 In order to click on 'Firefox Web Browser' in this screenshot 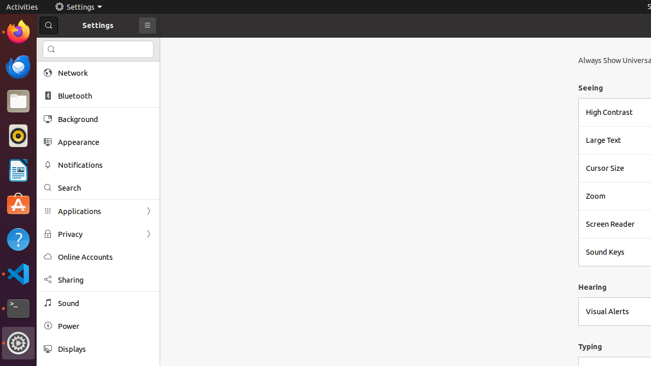, I will do `click(18, 31)`.